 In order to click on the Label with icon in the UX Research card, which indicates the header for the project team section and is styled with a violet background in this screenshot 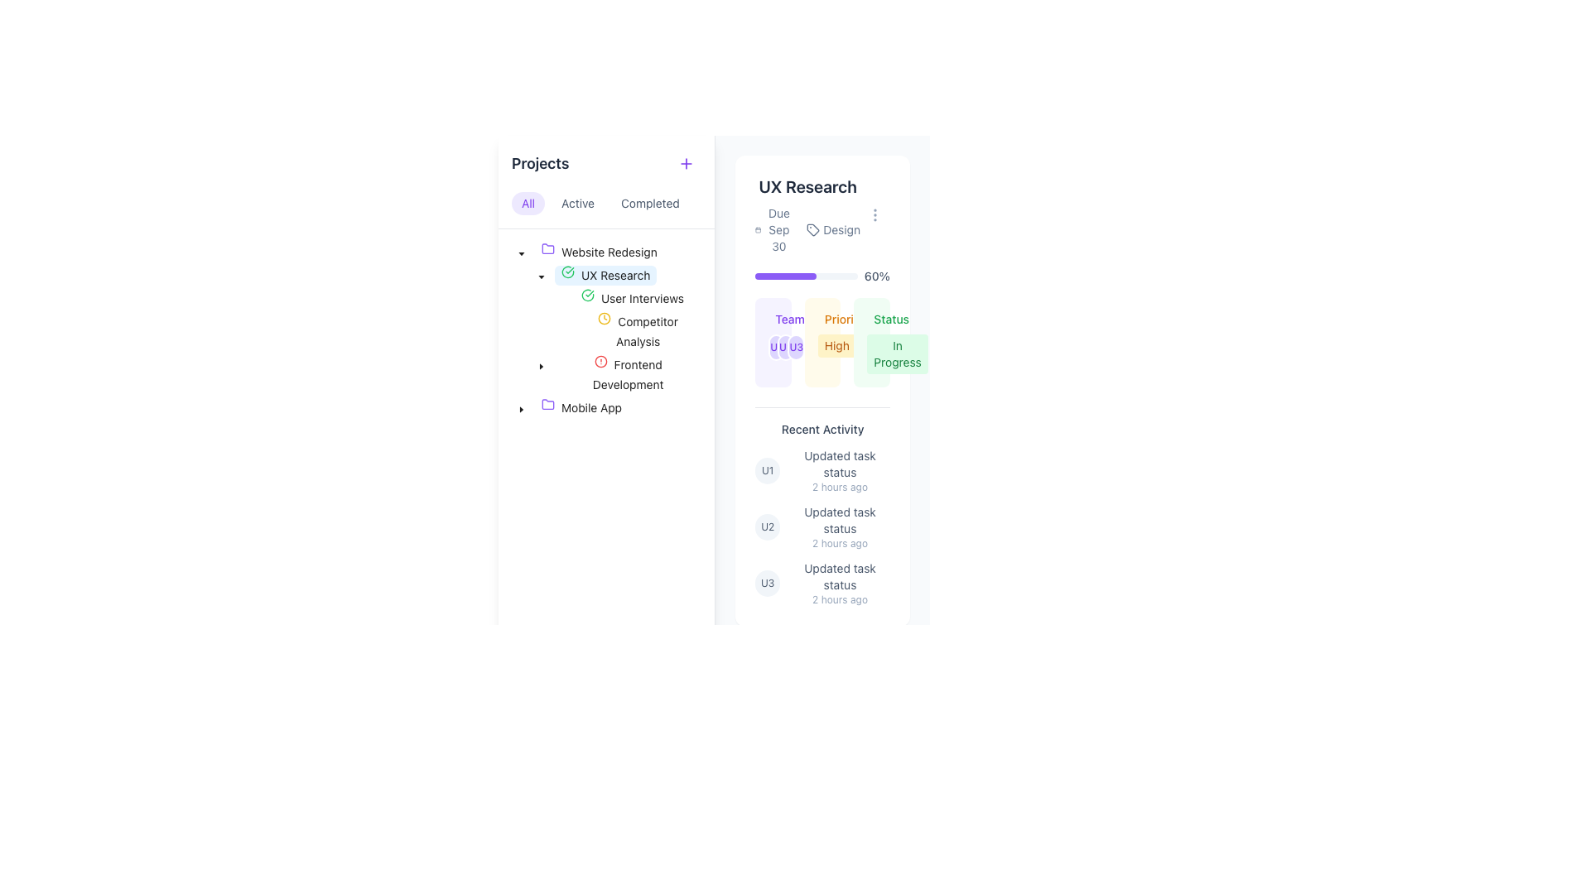, I will do `click(773, 319)`.